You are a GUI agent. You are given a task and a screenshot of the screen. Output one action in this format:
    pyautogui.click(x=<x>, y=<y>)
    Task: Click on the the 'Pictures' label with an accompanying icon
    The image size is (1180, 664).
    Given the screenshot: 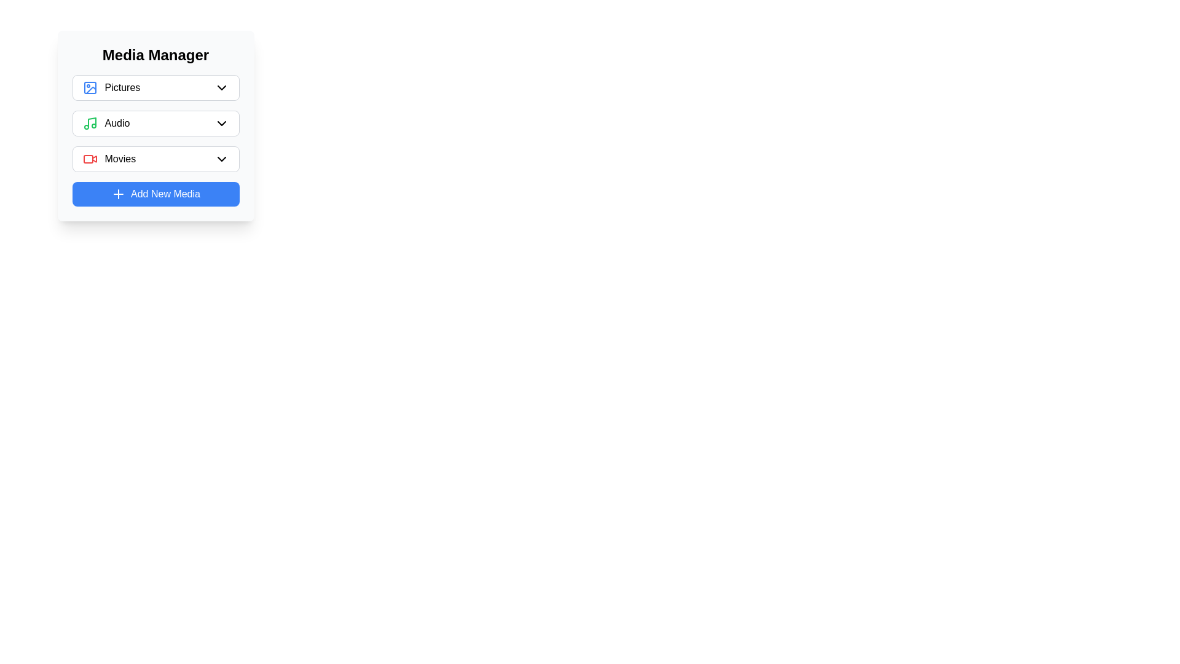 What is the action you would take?
    pyautogui.click(x=111, y=87)
    